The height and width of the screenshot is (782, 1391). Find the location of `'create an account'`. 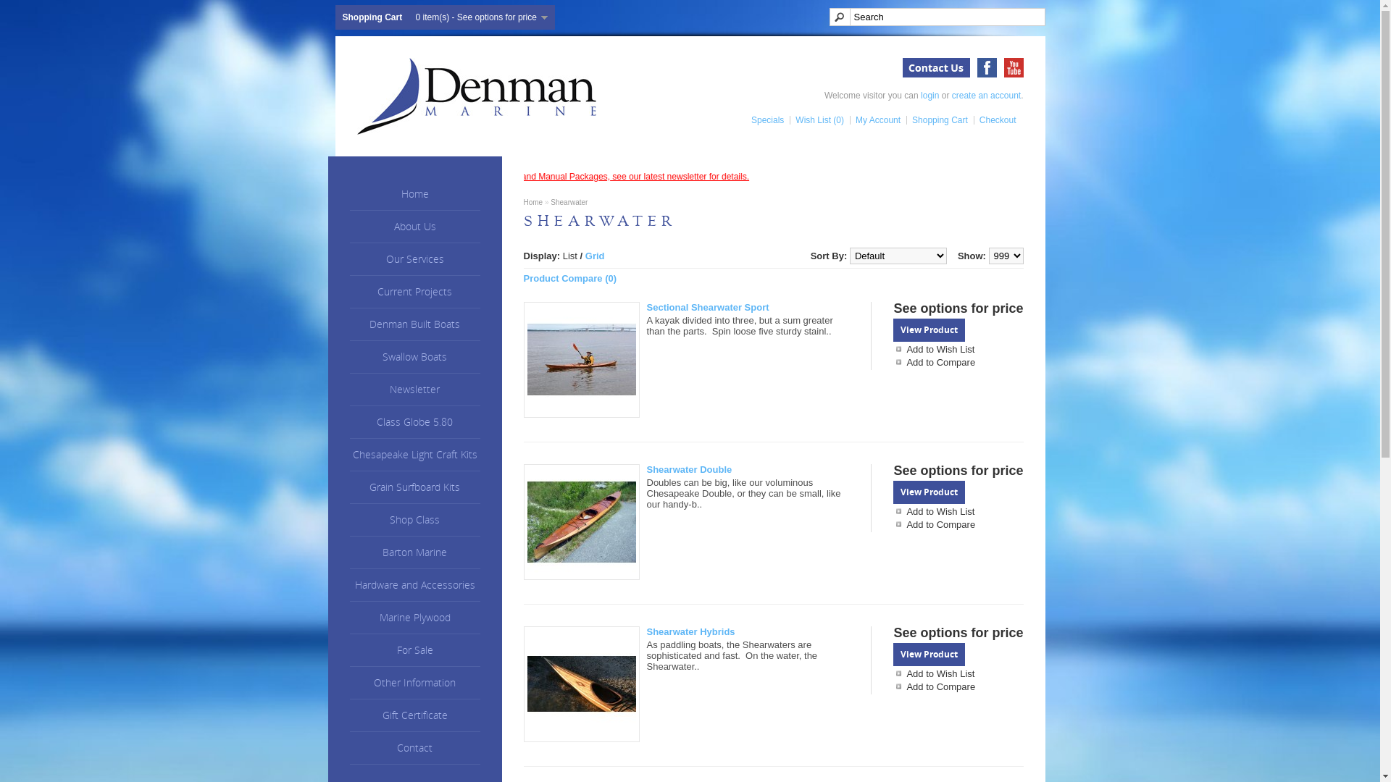

'create an account' is located at coordinates (985, 95).